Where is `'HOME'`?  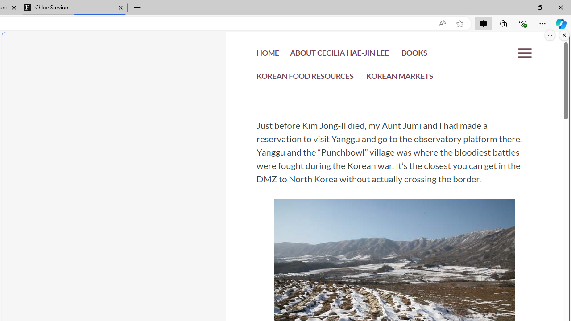
'HOME' is located at coordinates (267, 54).